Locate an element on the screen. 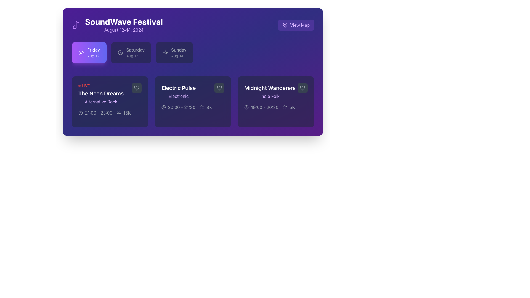 This screenshot has height=298, width=530. the informational label indicating the time range for the event 'The Neon Dreams', which is located below the event title and description and to the left of the attendee count is located at coordinates (95, 112).